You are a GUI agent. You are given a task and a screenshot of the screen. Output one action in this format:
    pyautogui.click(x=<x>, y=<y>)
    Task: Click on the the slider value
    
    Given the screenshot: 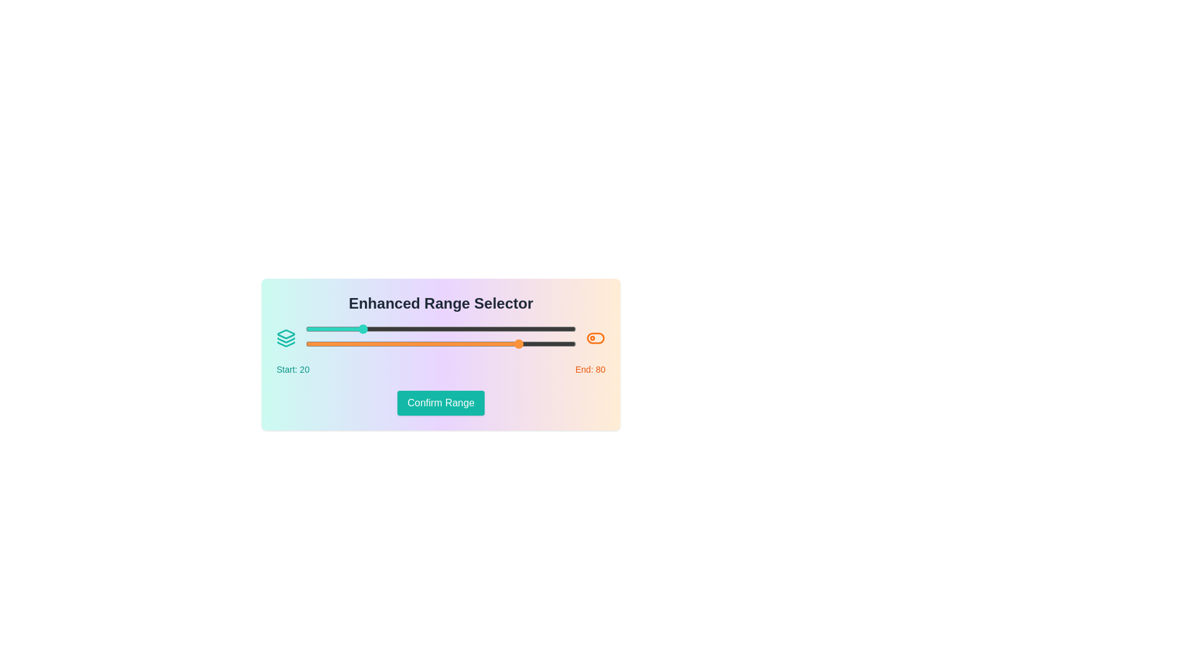 What is the action you would take?
    pyautogui.click(x=364, y=343)
    